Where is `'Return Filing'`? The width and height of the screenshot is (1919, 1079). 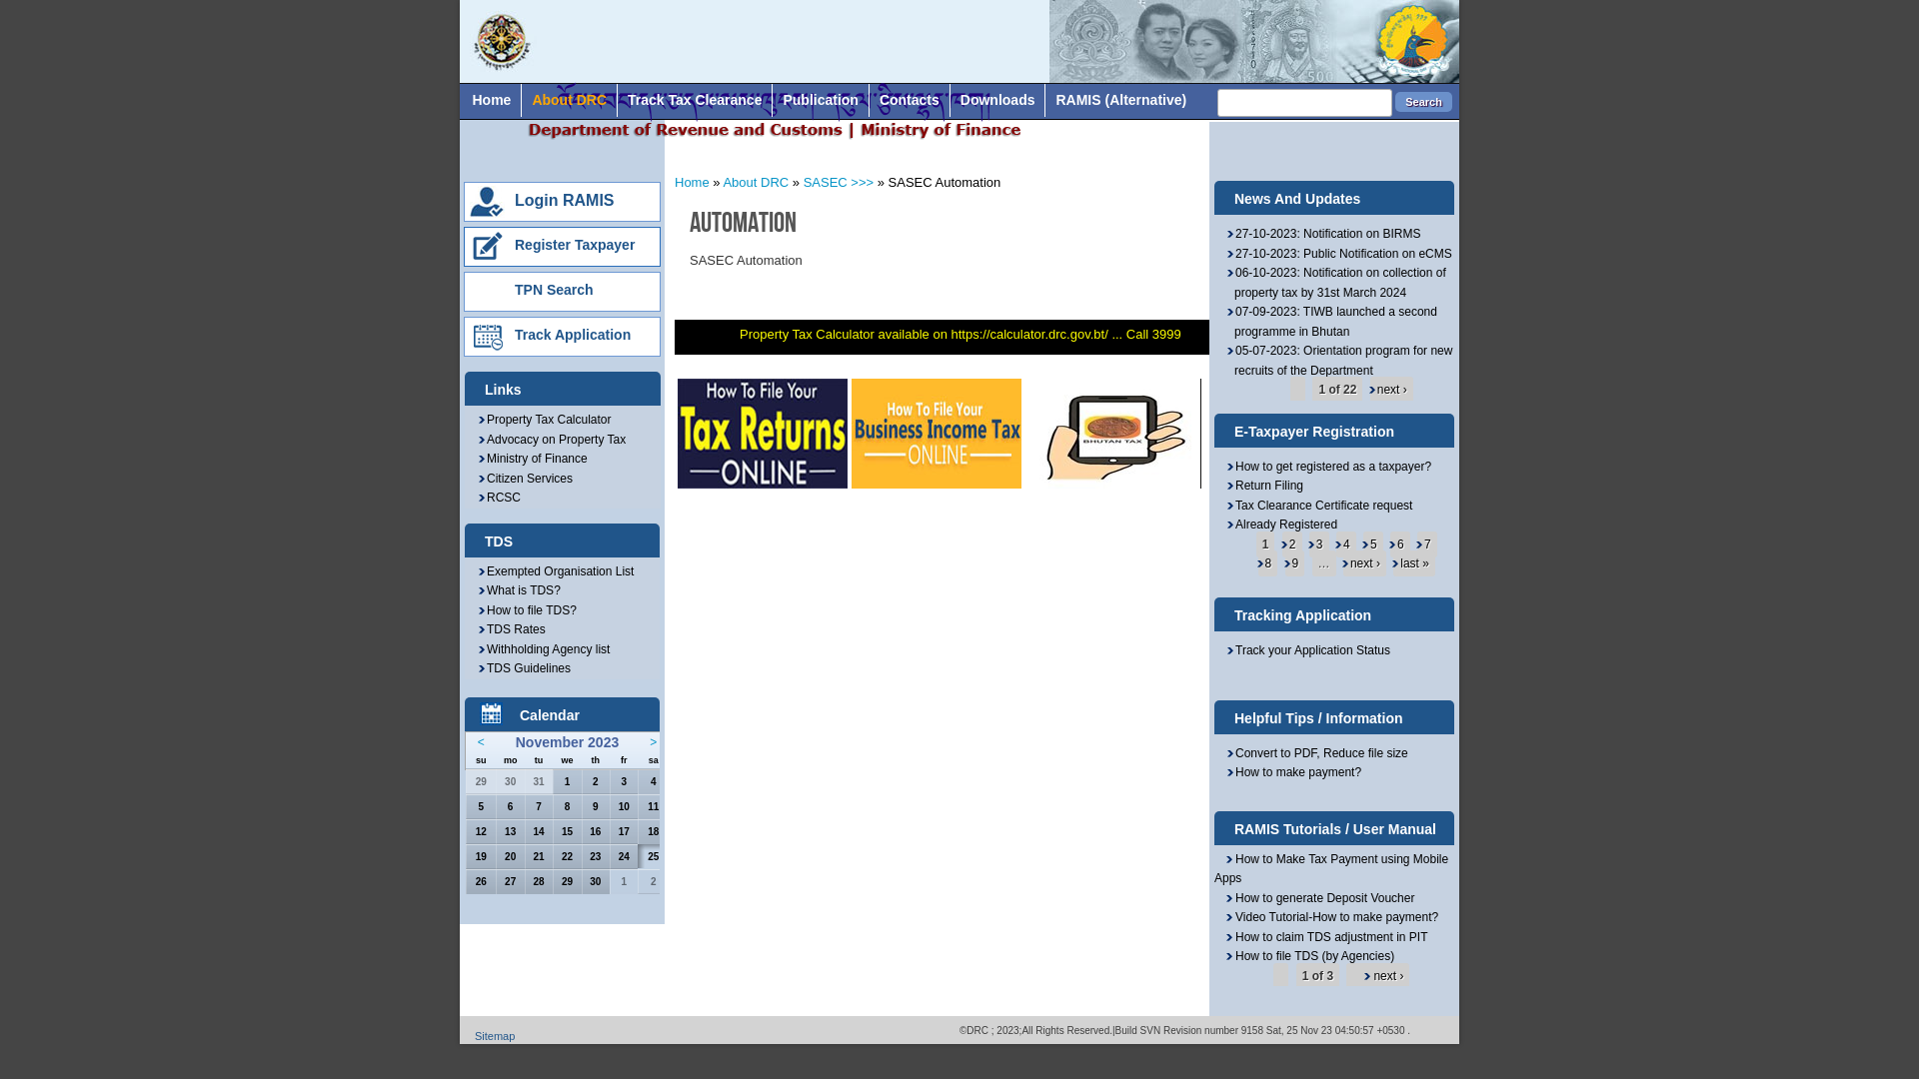 'Return Filing' is located at coordinates (1223, 486).